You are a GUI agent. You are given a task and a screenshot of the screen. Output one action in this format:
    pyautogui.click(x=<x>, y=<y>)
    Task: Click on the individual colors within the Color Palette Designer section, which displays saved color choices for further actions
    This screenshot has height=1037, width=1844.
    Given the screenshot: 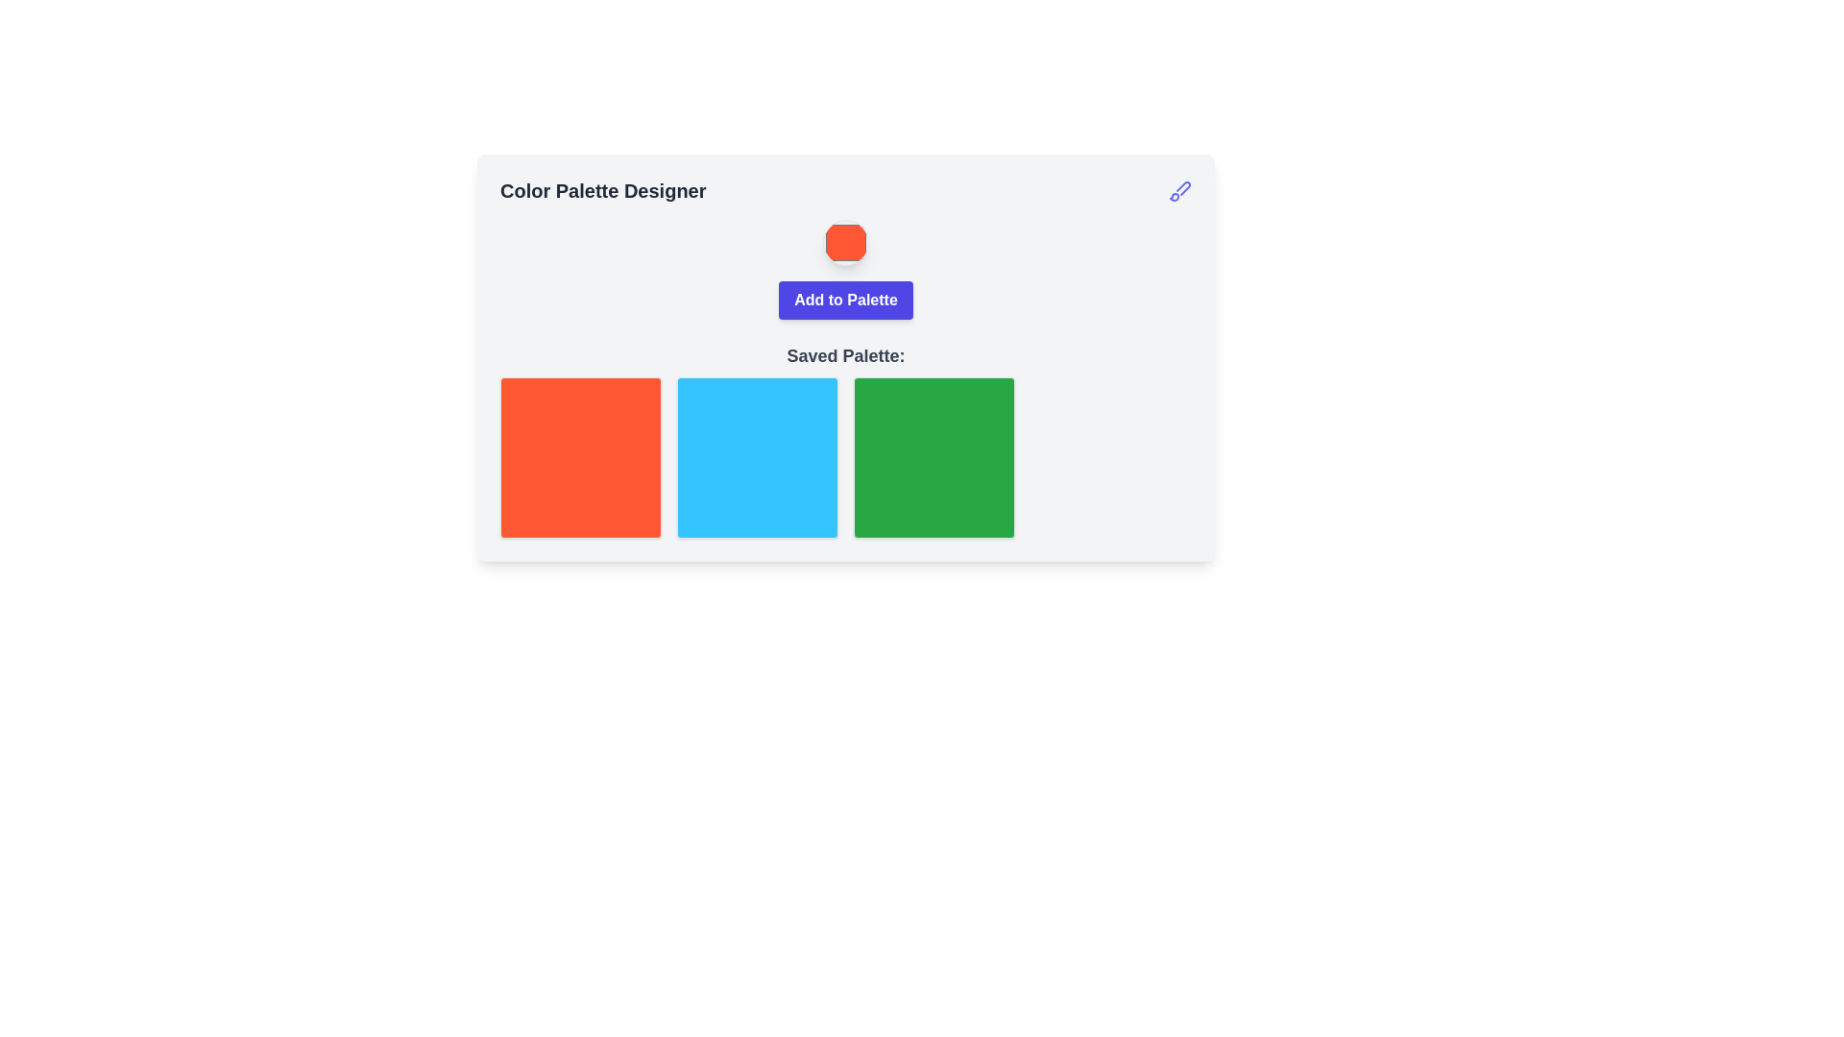 What is the action you would take?
    pyautogui.click(x=845, y=441)
    